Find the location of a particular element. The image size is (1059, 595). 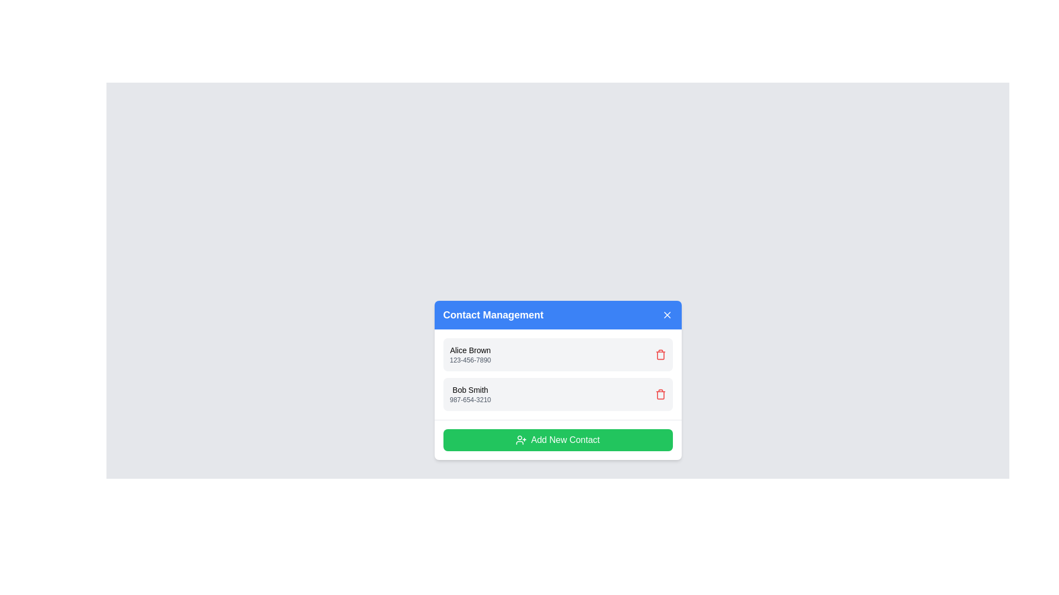

the contact details of Alice Brown is located at coordinates (470, 350).